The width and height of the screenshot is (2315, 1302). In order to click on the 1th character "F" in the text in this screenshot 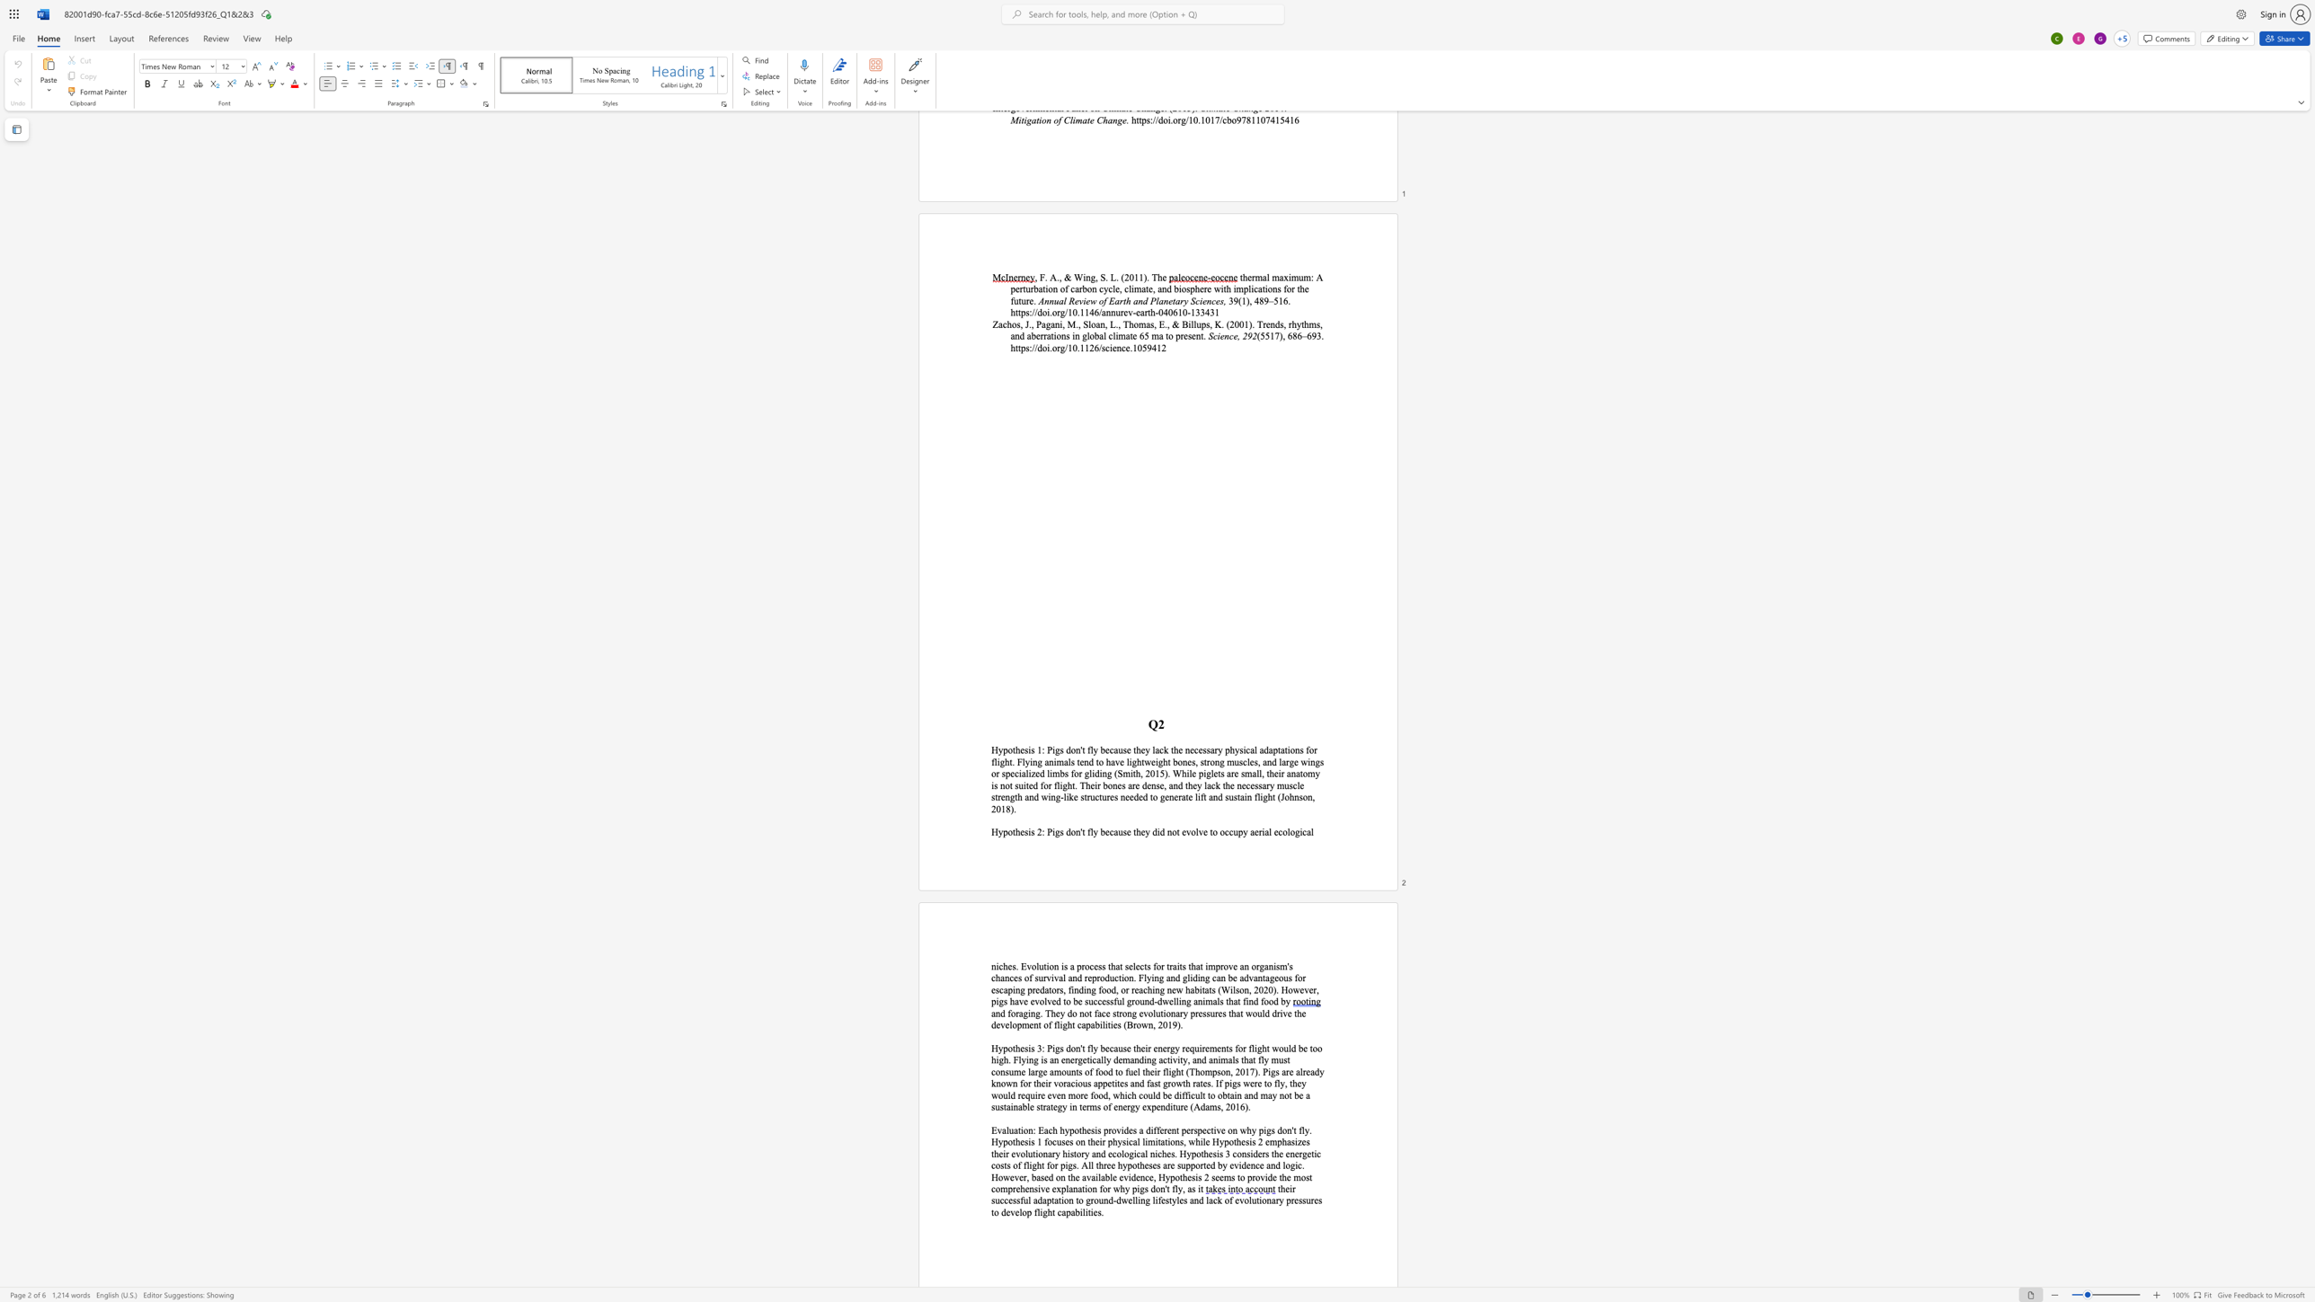, I will do `click(1015, 1058)`.